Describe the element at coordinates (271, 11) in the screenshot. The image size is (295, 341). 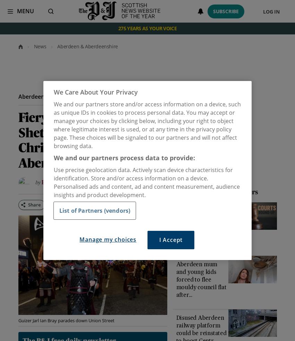
I see `'Log In'` at that location.